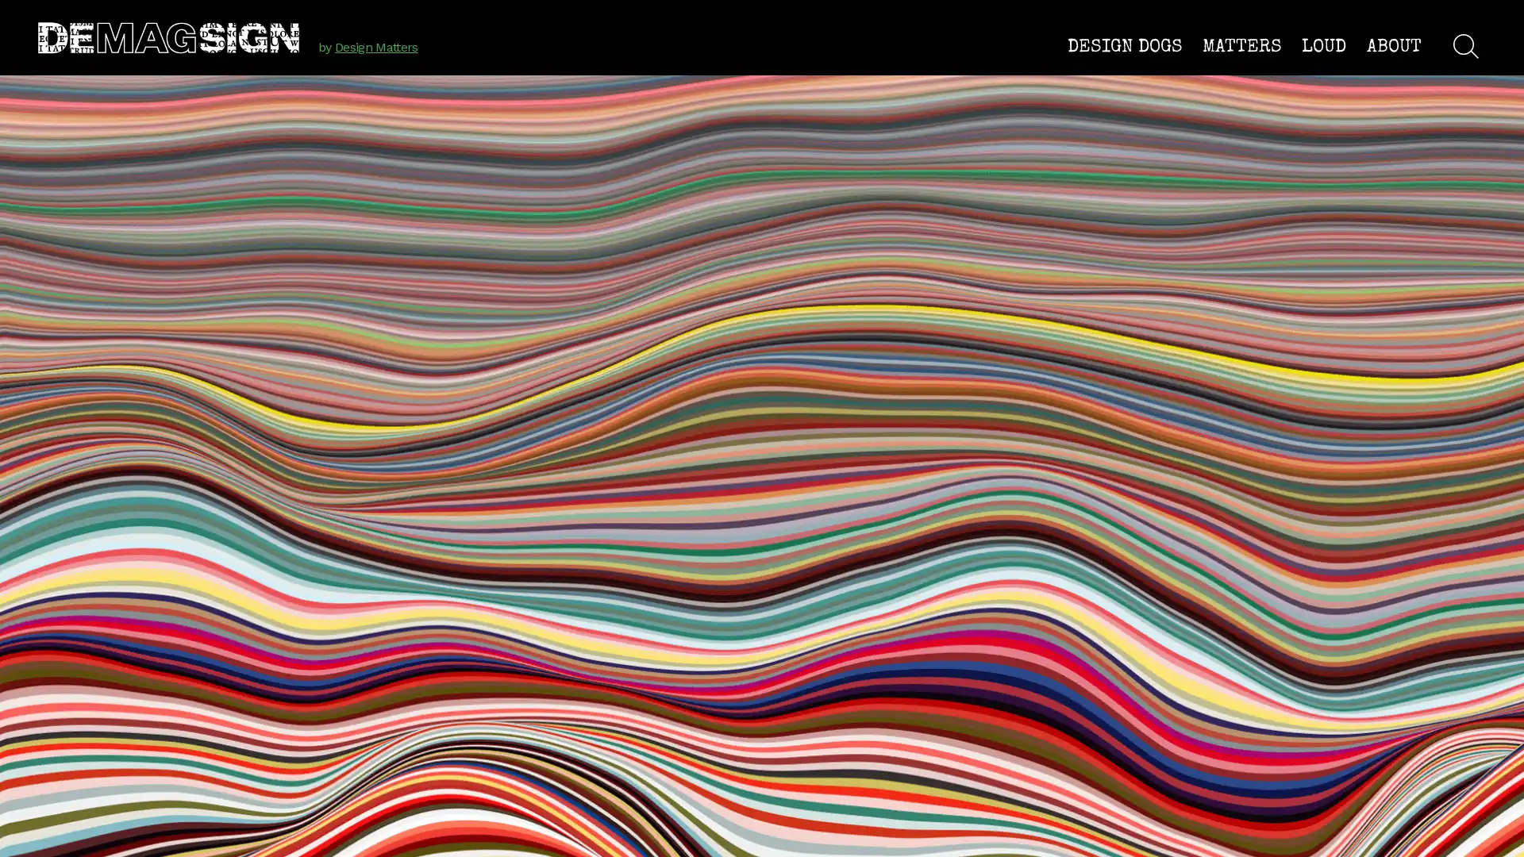 This screenshot has height=857, width=1524. Describe the element at coordinates (1465, 44) in the screenshot. I see `Search` at that location.